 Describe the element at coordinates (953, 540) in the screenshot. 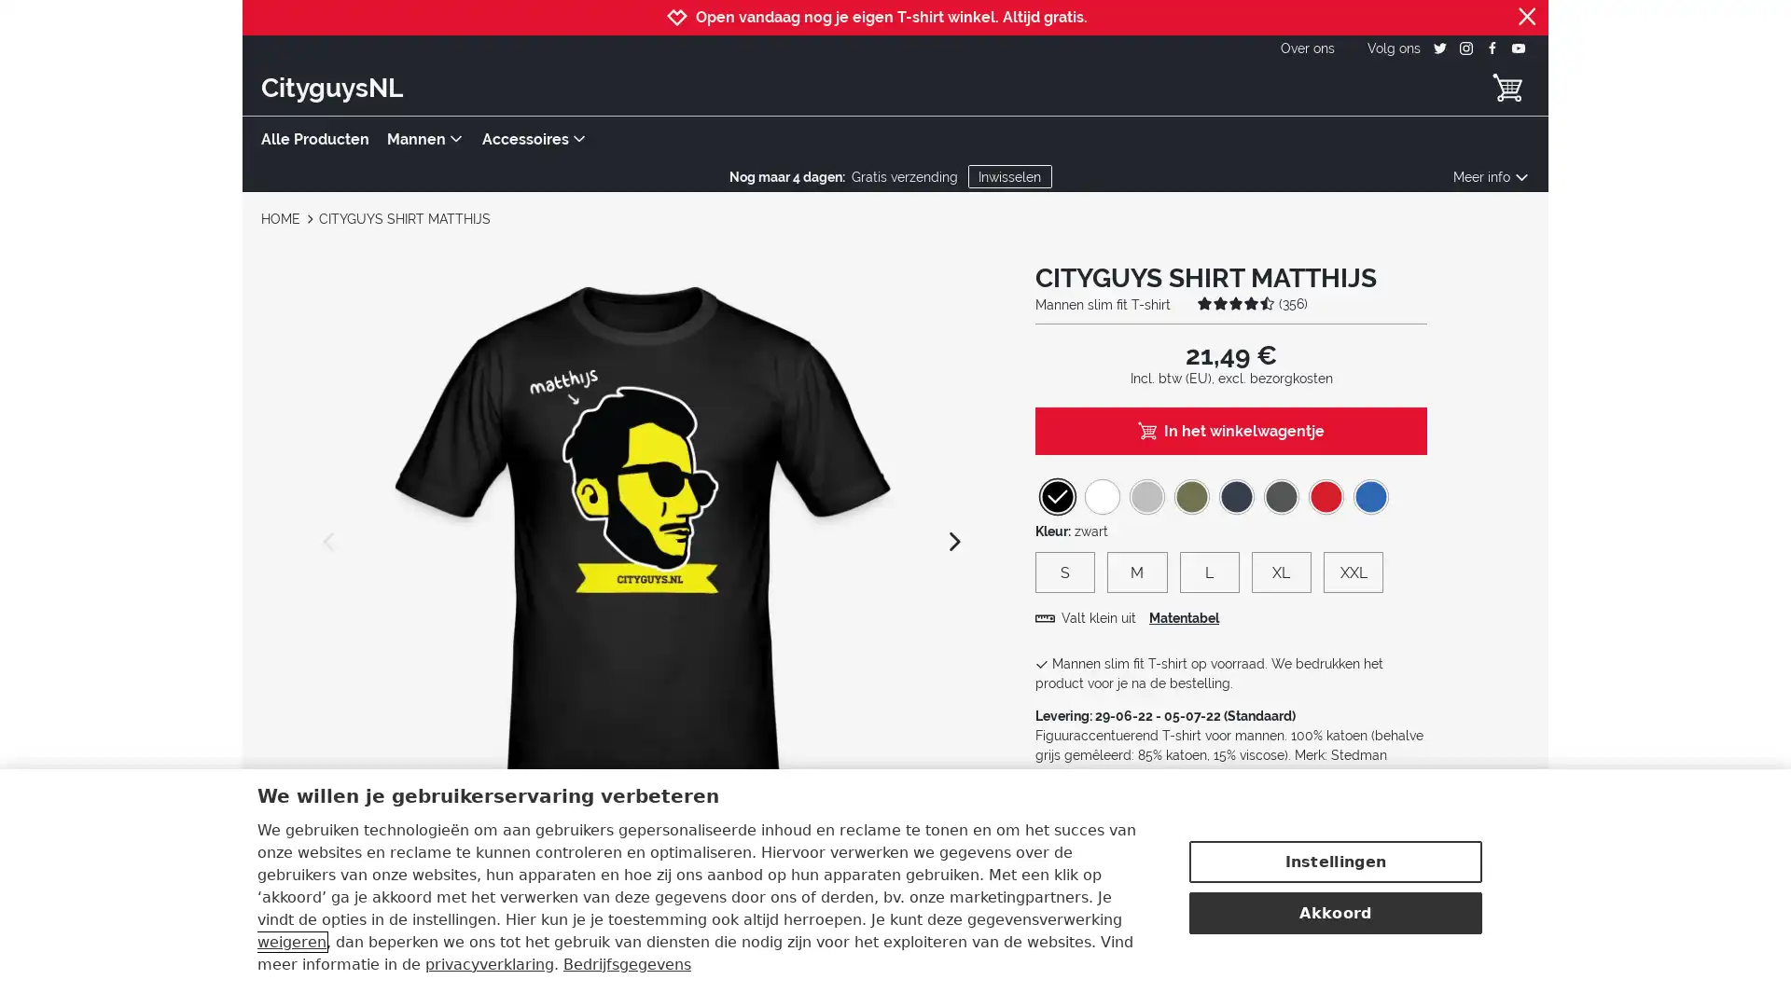

I see `next image` at that location.